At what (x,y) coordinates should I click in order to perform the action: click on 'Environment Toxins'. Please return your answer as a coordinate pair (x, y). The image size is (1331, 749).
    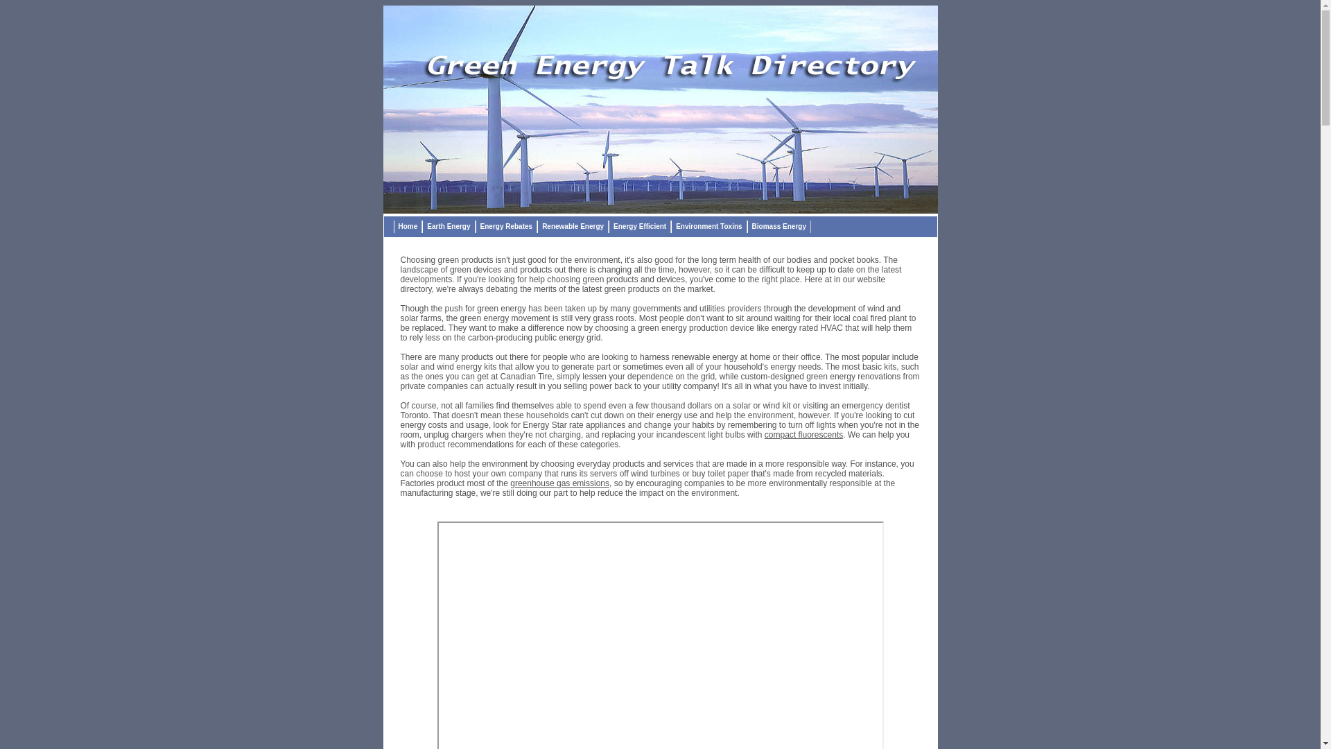
    Looking at the image, I should click on (671, 226).